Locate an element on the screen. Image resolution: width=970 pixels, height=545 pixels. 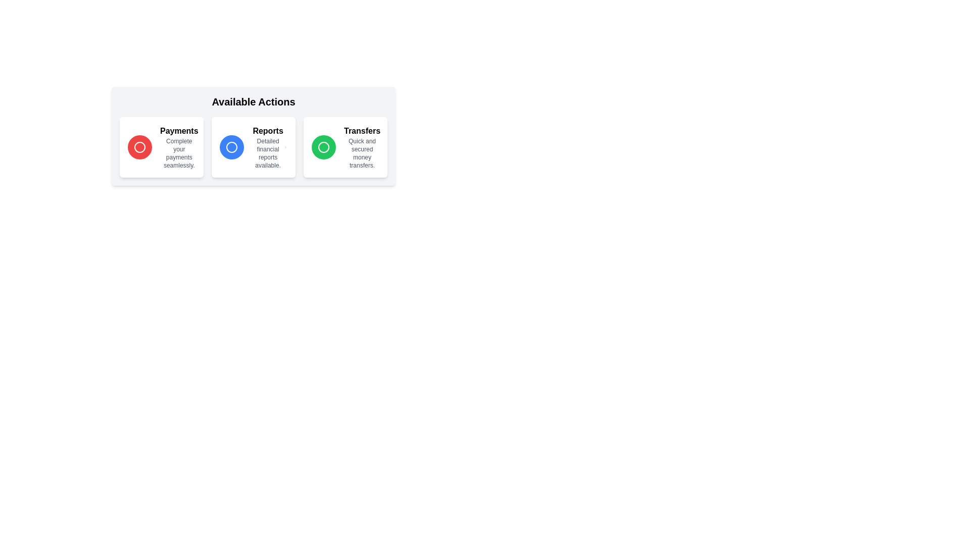
the text label that reads 'Complete your payments seamlessly', which is styled in grayish text and located beneath the heading 'Payments' is located at coordinates (179, 153).